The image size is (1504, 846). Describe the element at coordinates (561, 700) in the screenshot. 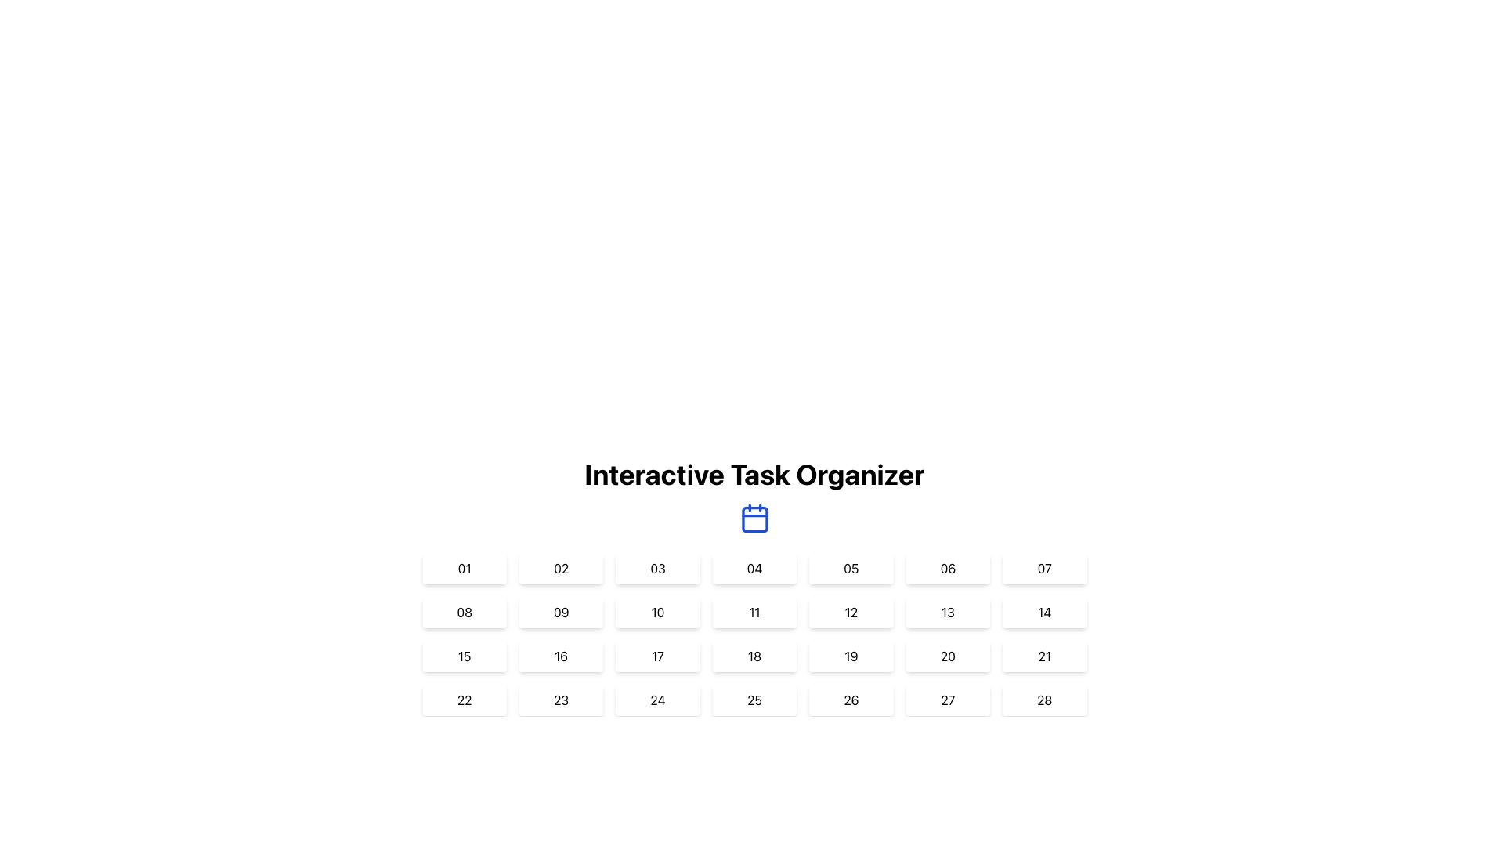

I see `the square button with rounded corners displaying the text '23'` at that location.